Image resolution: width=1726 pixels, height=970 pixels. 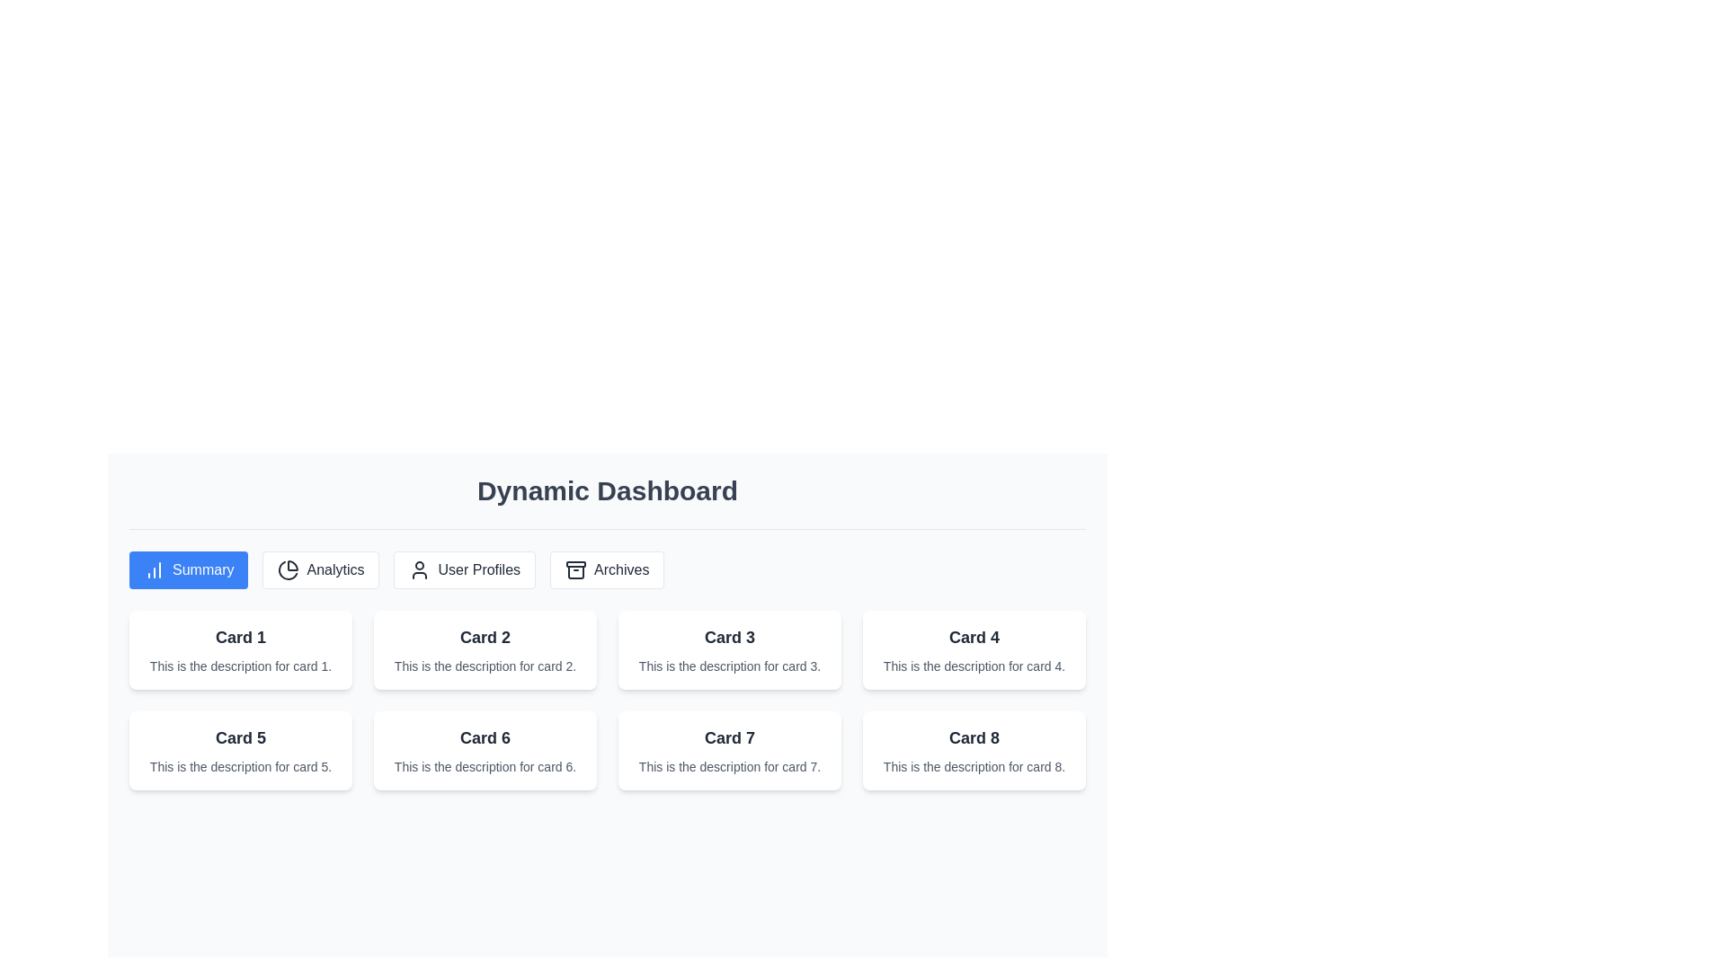 I want to click on text content of the fourth card in the grid layout, which displays a title and a description, so click(x=974, y=650).